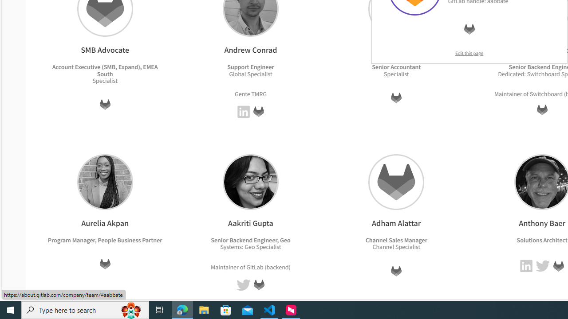 This screenshot has width=568, height=319. I want to click on 'Aakriti Gupta', so click(250, 181).